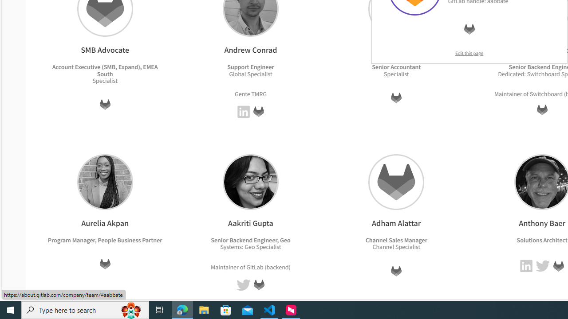 This screenshot has width=568, height=319. I want to click on 'Aakriti Gupta', so click(250, 181).